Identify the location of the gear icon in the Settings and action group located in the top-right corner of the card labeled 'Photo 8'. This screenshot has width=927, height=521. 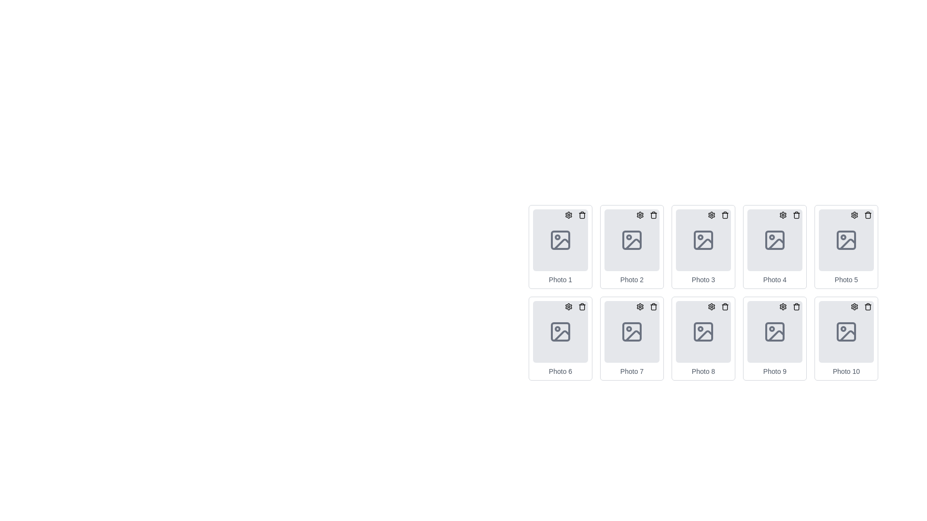
(718, 307).